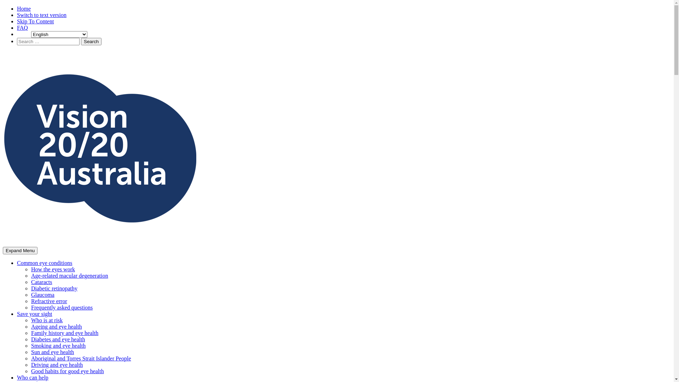 Image resolution: width=679 pixels, height=382 pixels. I want to click on 'Common eye conditions', so click(44, 263).